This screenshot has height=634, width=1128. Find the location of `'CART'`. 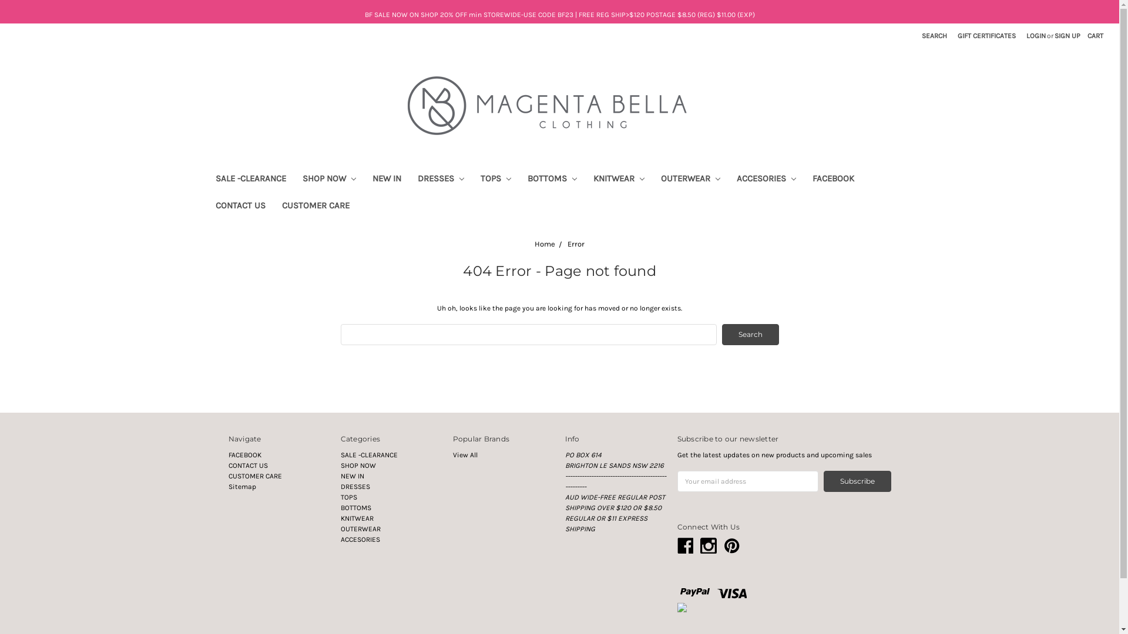

'CART' is located at coordinates (1095, 35).